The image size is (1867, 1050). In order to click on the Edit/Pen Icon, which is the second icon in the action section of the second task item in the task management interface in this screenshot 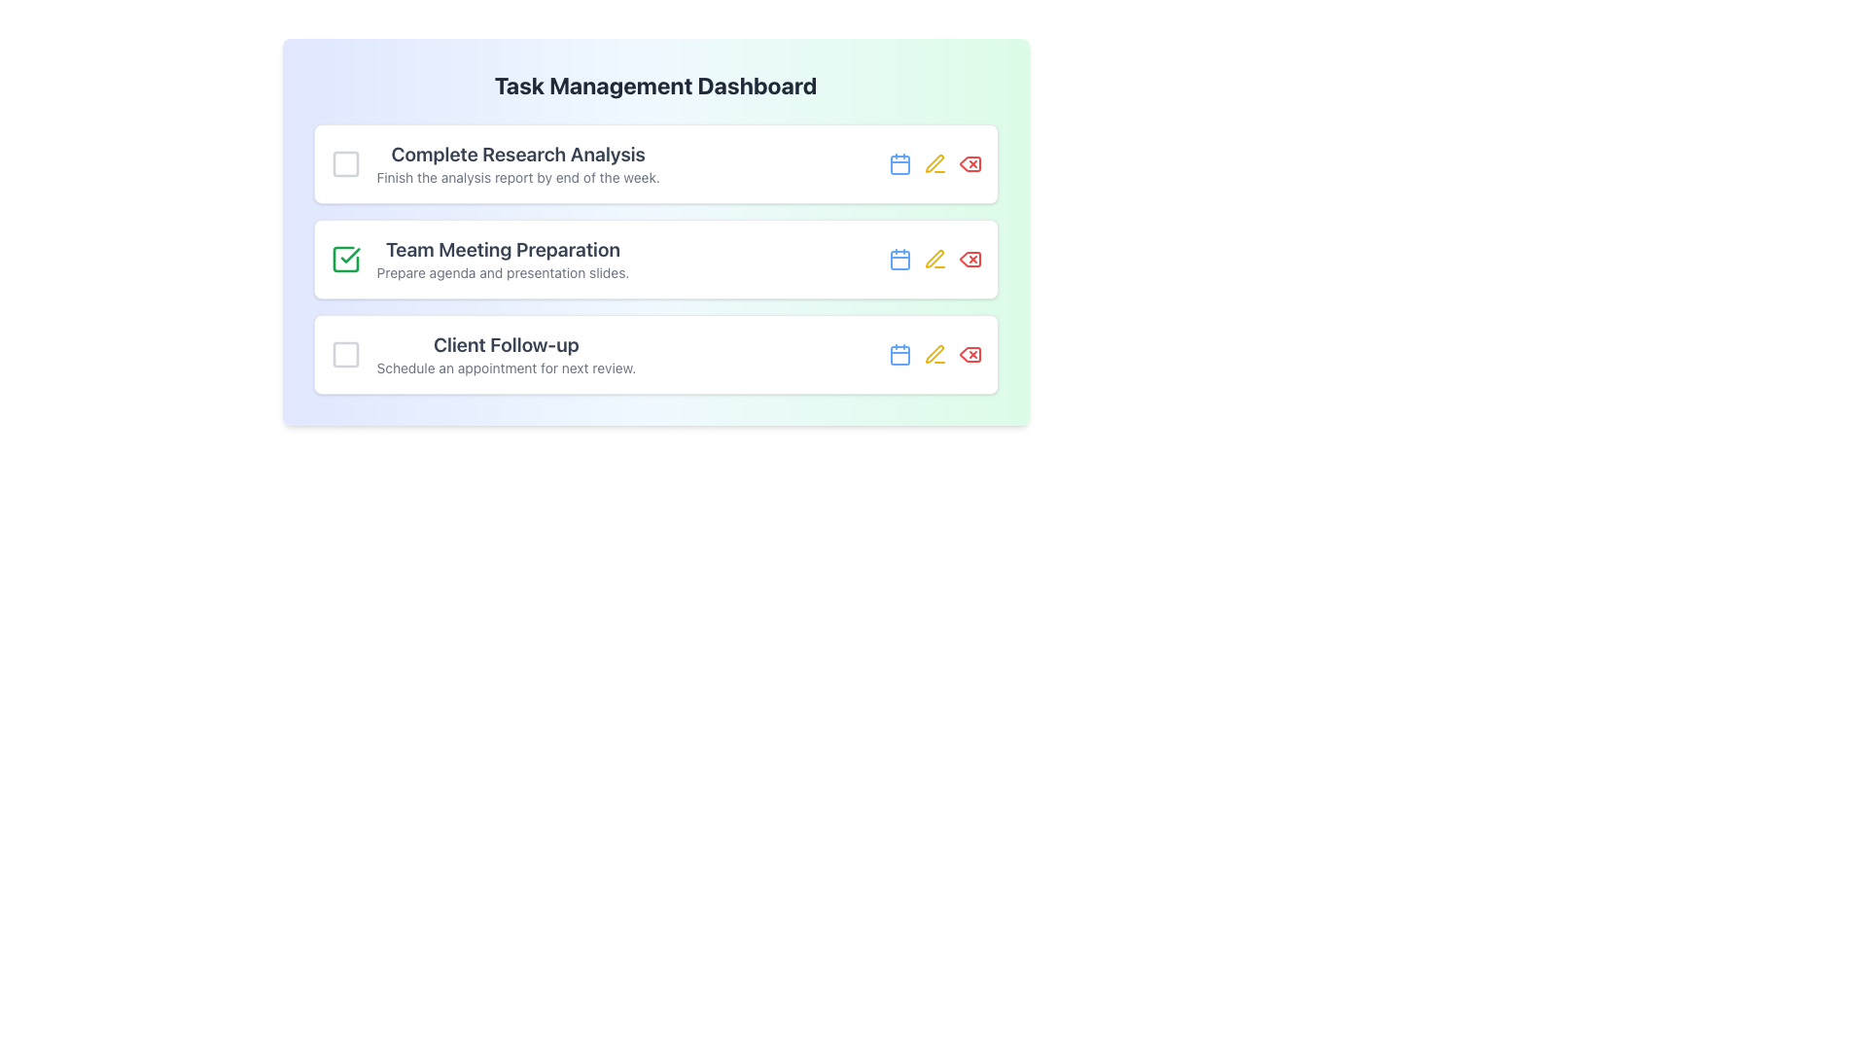, I will do `click(934, 258)`.